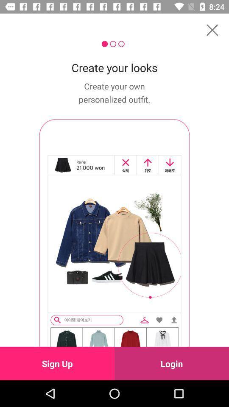 The image size is (229, 407). What do you see at coordinates (172, 363) in the screenshot?
I see `the icon to the right of sign up icon` at bounding box center [172, 363].